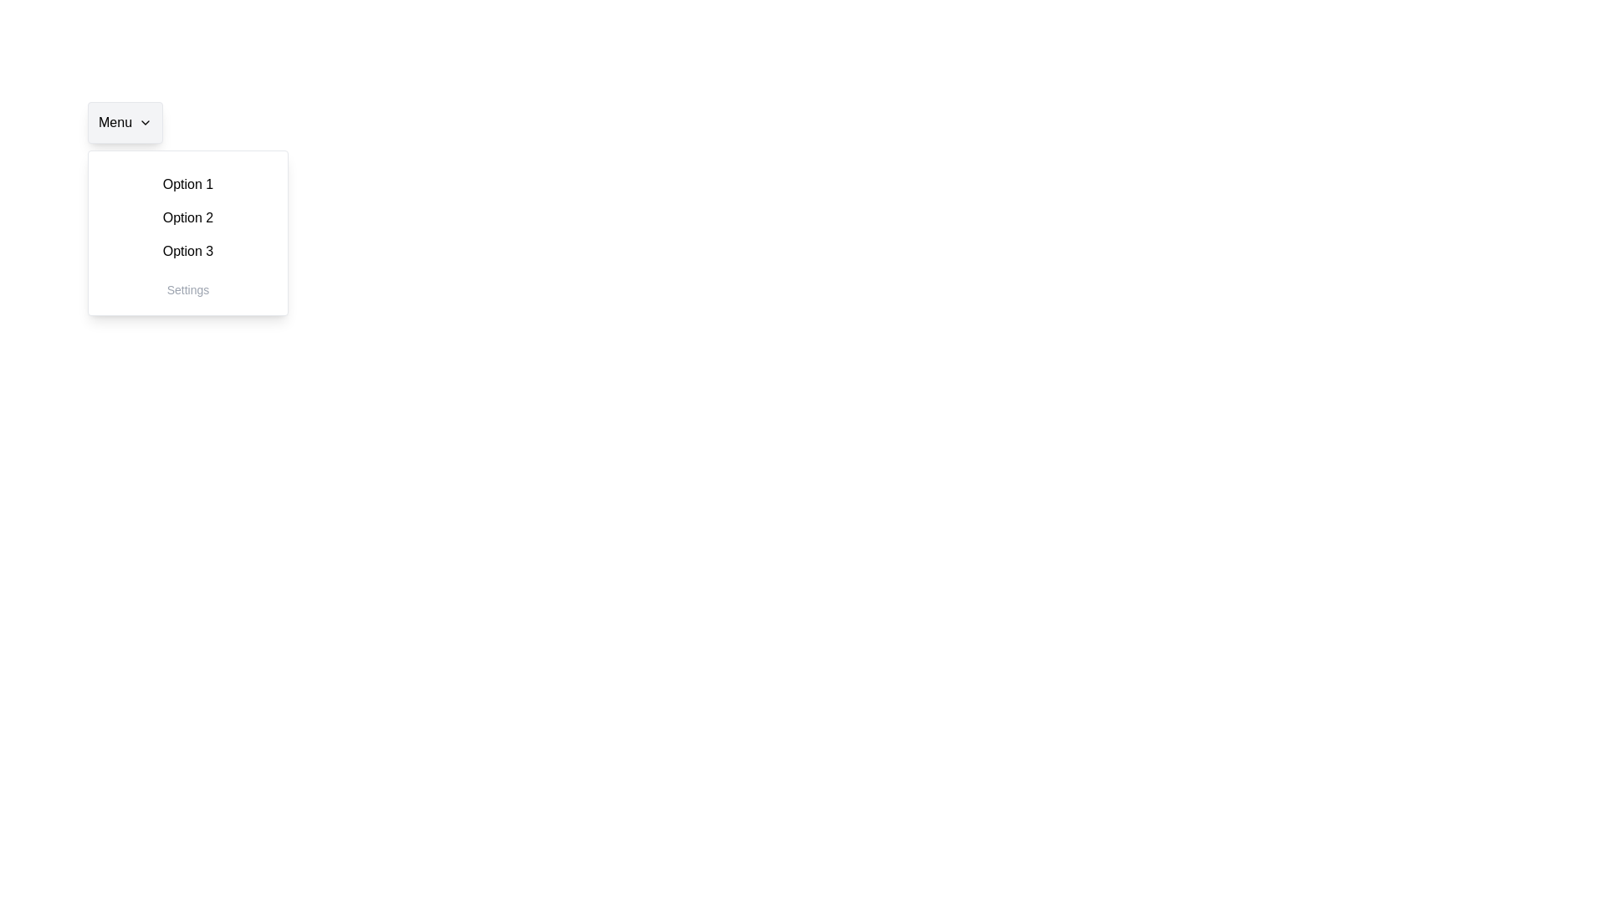 This screenshot has height=903, width=1606. What do you see at coordinates (188, 217) in the screenshot?
I see `the second option in the dropdown menu, which is located under the 'Menu' button` at bounding box center [188, 217].